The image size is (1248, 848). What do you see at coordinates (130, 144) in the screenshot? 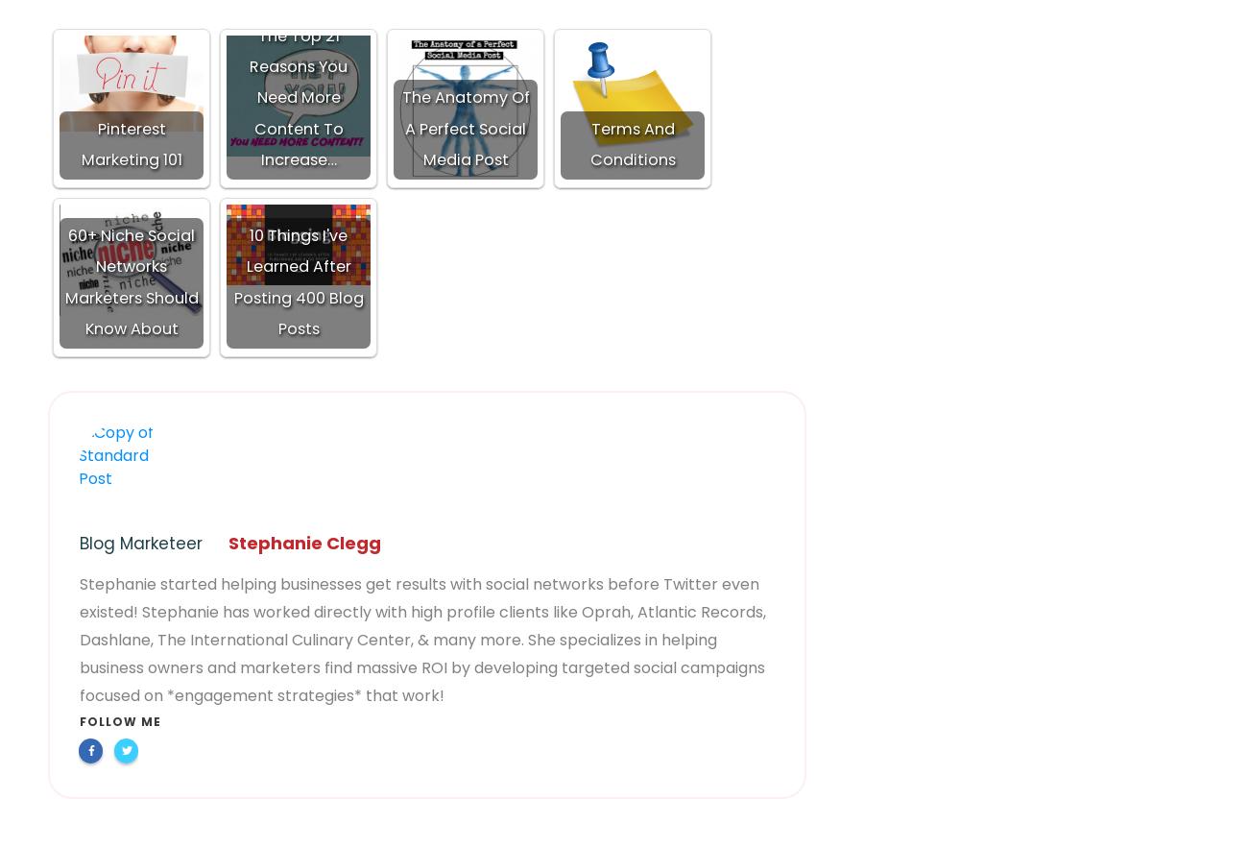
I see `'Pinterest Marketing 101'` at bounding box center [130, 144].